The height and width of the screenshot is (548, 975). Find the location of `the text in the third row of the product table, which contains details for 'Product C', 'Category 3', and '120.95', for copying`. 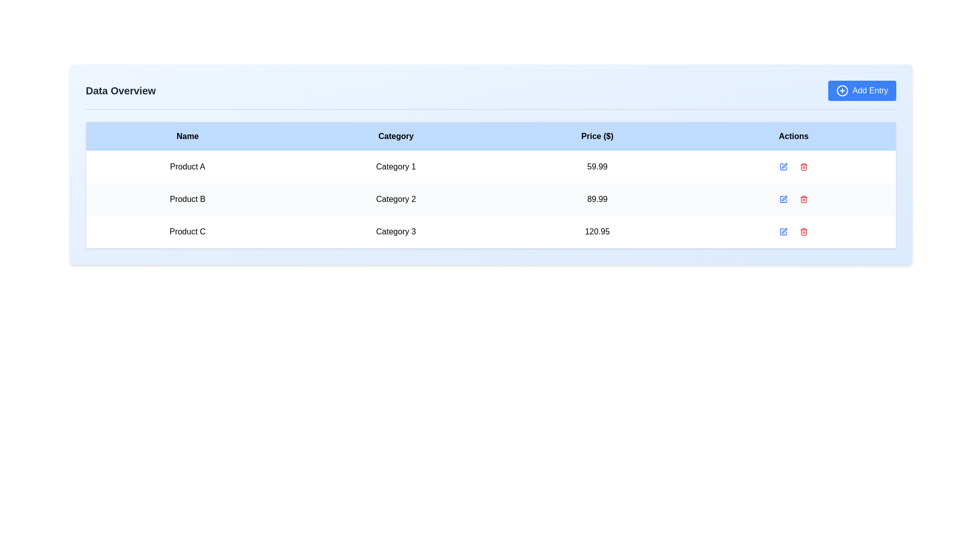

the text in the third row of the product table, which contains details for 'Product C', 'Category 3', and '120.95', for copying is located at coordinates (491, 231).